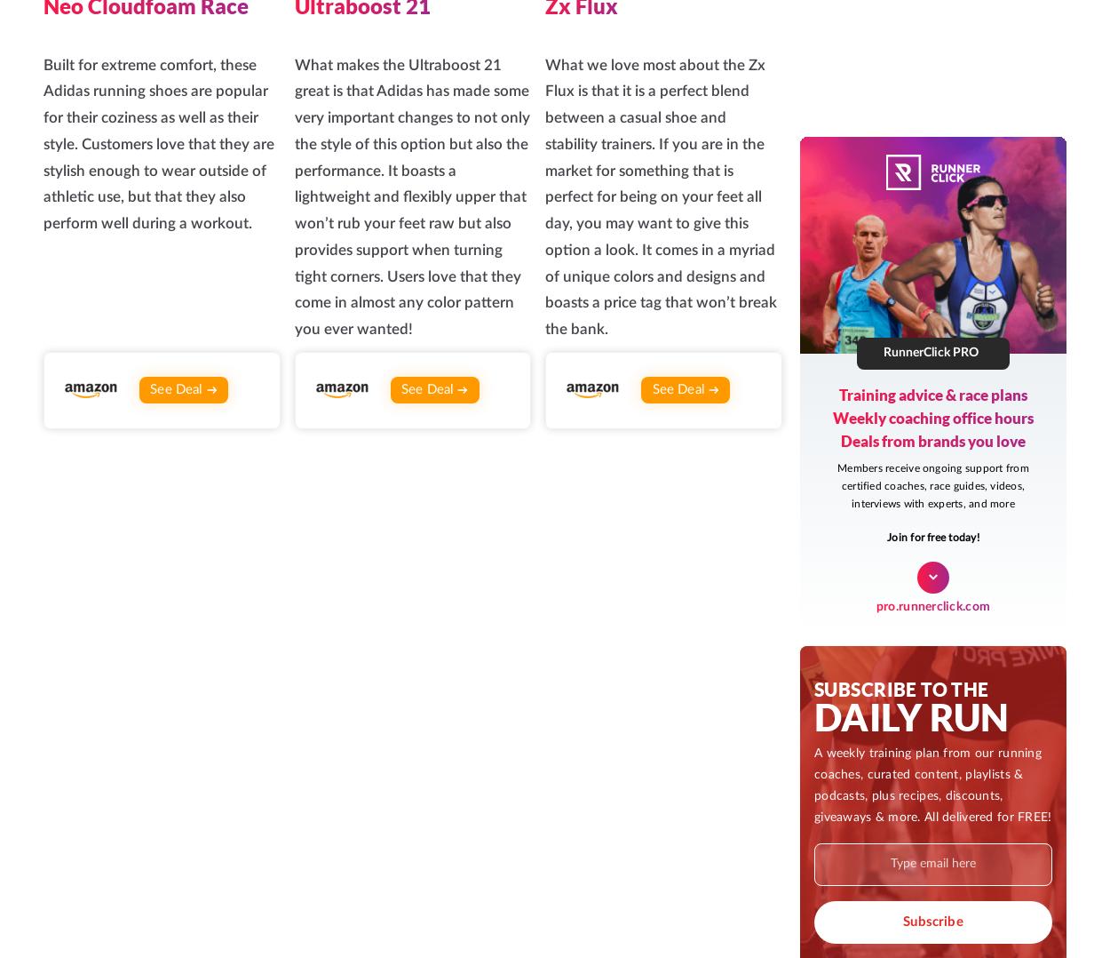 This screenshot has width=1110, height=958. What do you see at coordinates (892, 670) in the screenshot?
I see `'RunnerClick is reader-supported. We may earn a commission after clicking links on the site before making a purchase. Thank you
for joining us on our mission to help runners reach their goals.'` at bounding box center [892, 670].